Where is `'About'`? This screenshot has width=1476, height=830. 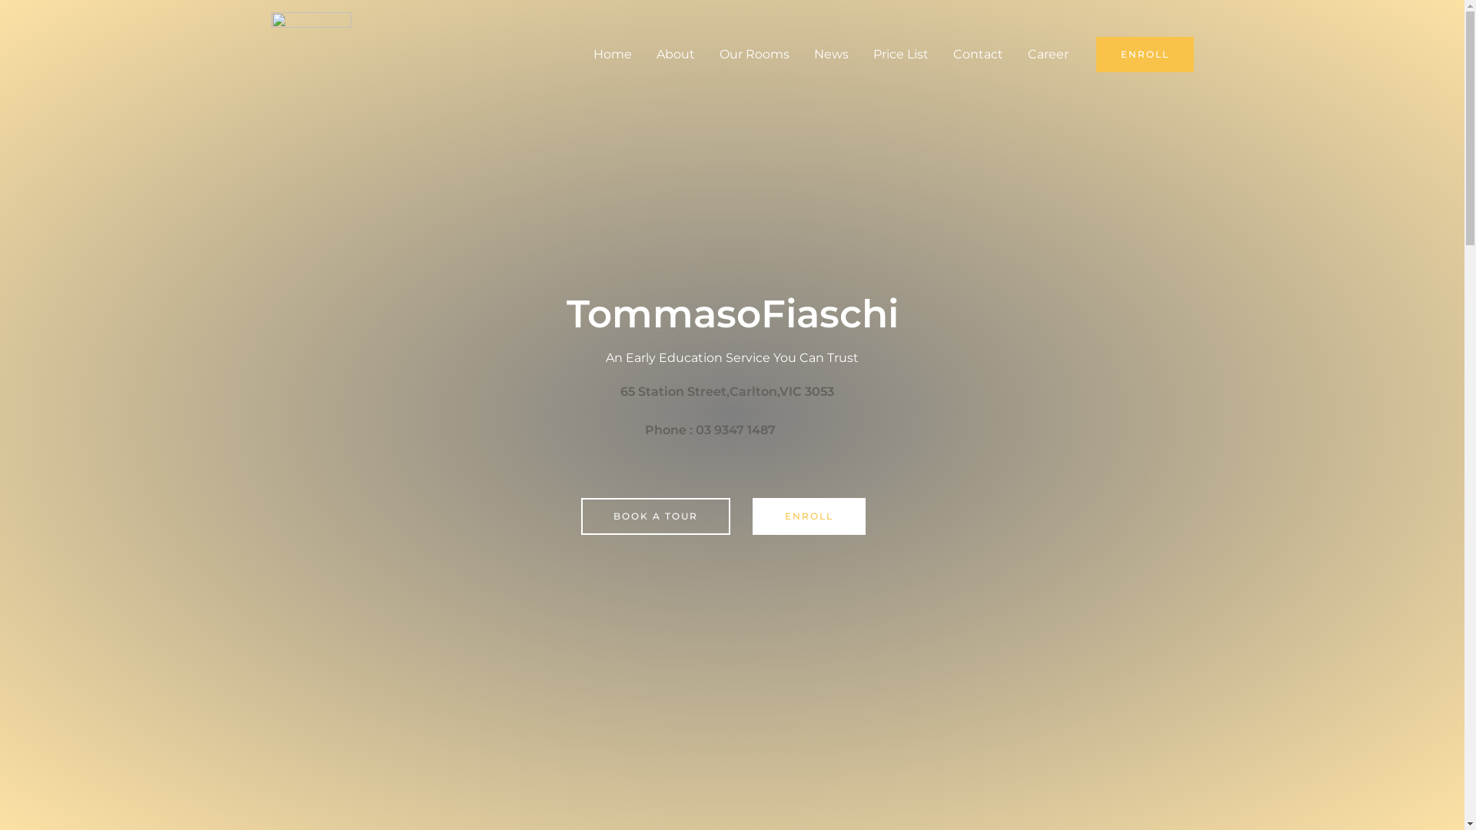 'About' is located at coordinates (644, 53).